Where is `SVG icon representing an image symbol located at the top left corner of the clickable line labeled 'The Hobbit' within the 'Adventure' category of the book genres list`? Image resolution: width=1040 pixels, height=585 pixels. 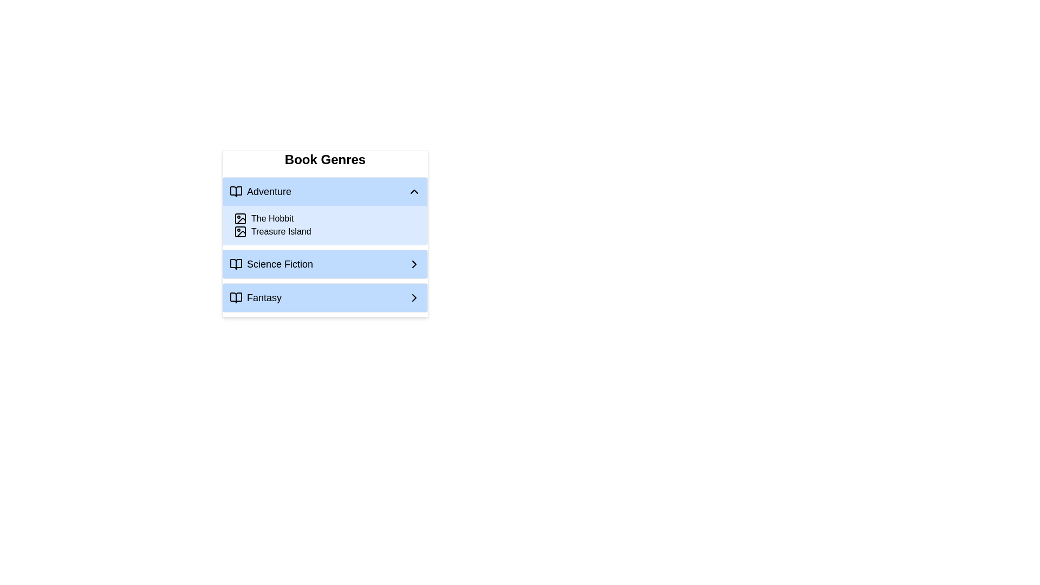 SVG icon representing an image symbol located at the top left corner of the clickable line labeled 'The Hobbit' within the 'Adventure' category of the book genres list is located at coordinates (240, 219).